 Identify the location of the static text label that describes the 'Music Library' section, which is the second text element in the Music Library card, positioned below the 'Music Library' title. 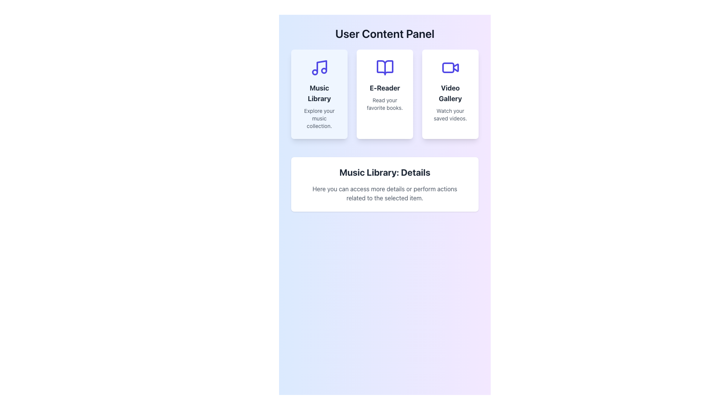
(319, 118).